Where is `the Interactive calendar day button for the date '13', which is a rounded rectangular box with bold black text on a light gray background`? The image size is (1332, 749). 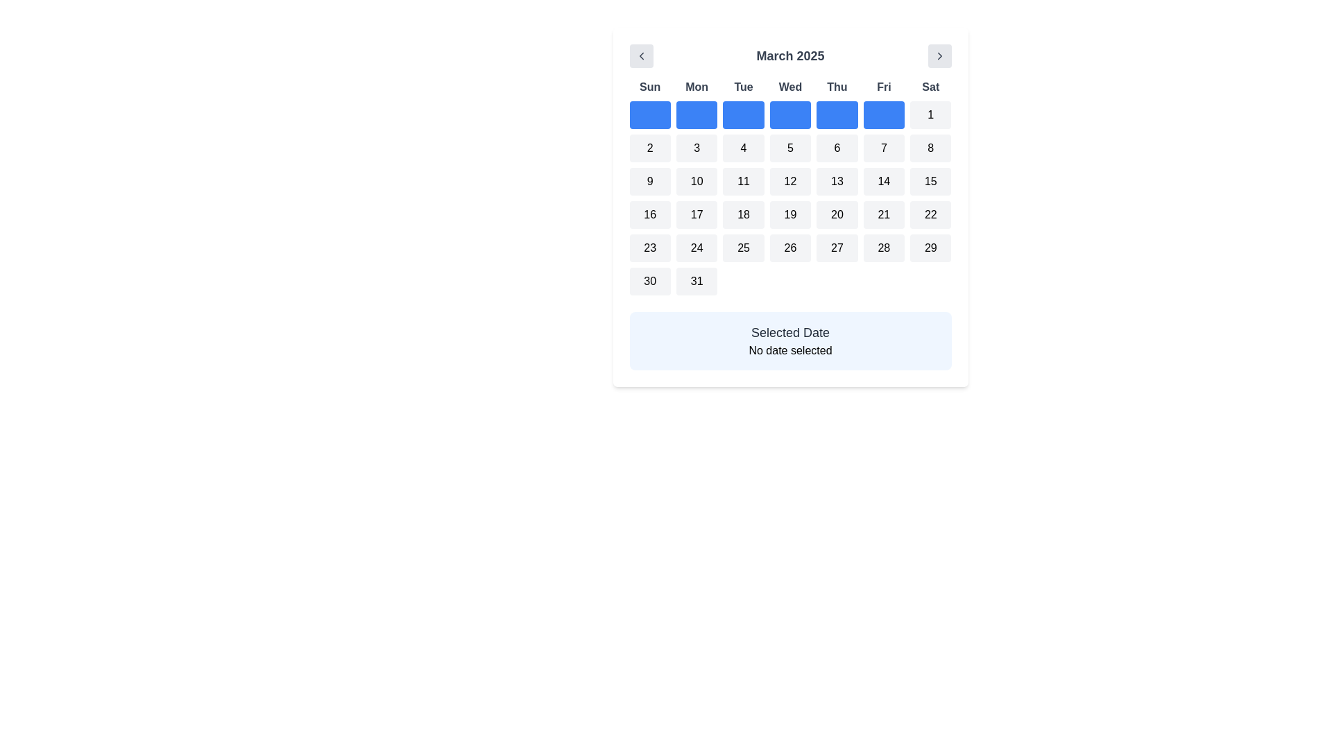 the Interactive calendar day button for the date '13', which is a rounded rectangular box with bold black text on a light gray background is located at coordinates (836, 181).